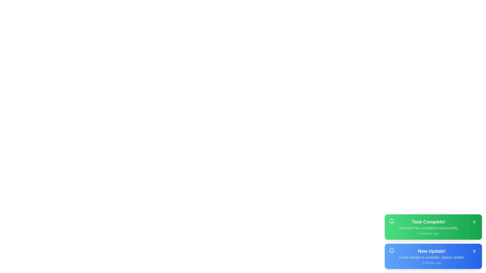  Describe the element at coordinates (474, 222) in the screenshot. I see `dismiss button for the notification titled 'Task Complete!'` at that location.